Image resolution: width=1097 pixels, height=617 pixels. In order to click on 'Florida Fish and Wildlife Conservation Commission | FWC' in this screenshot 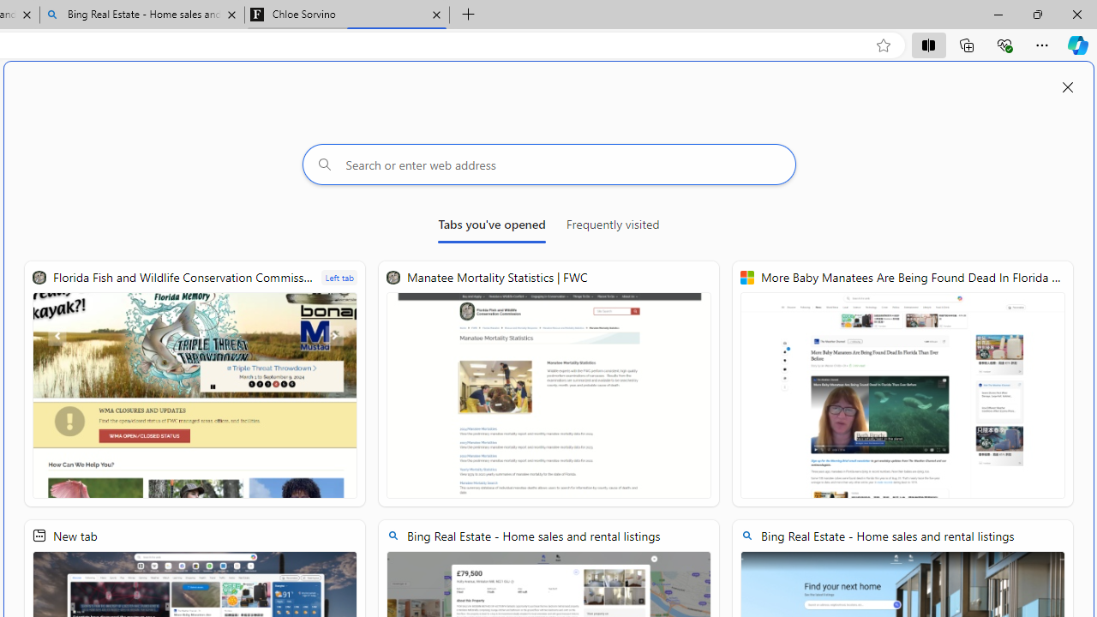, I will do `click(195, 383)`.